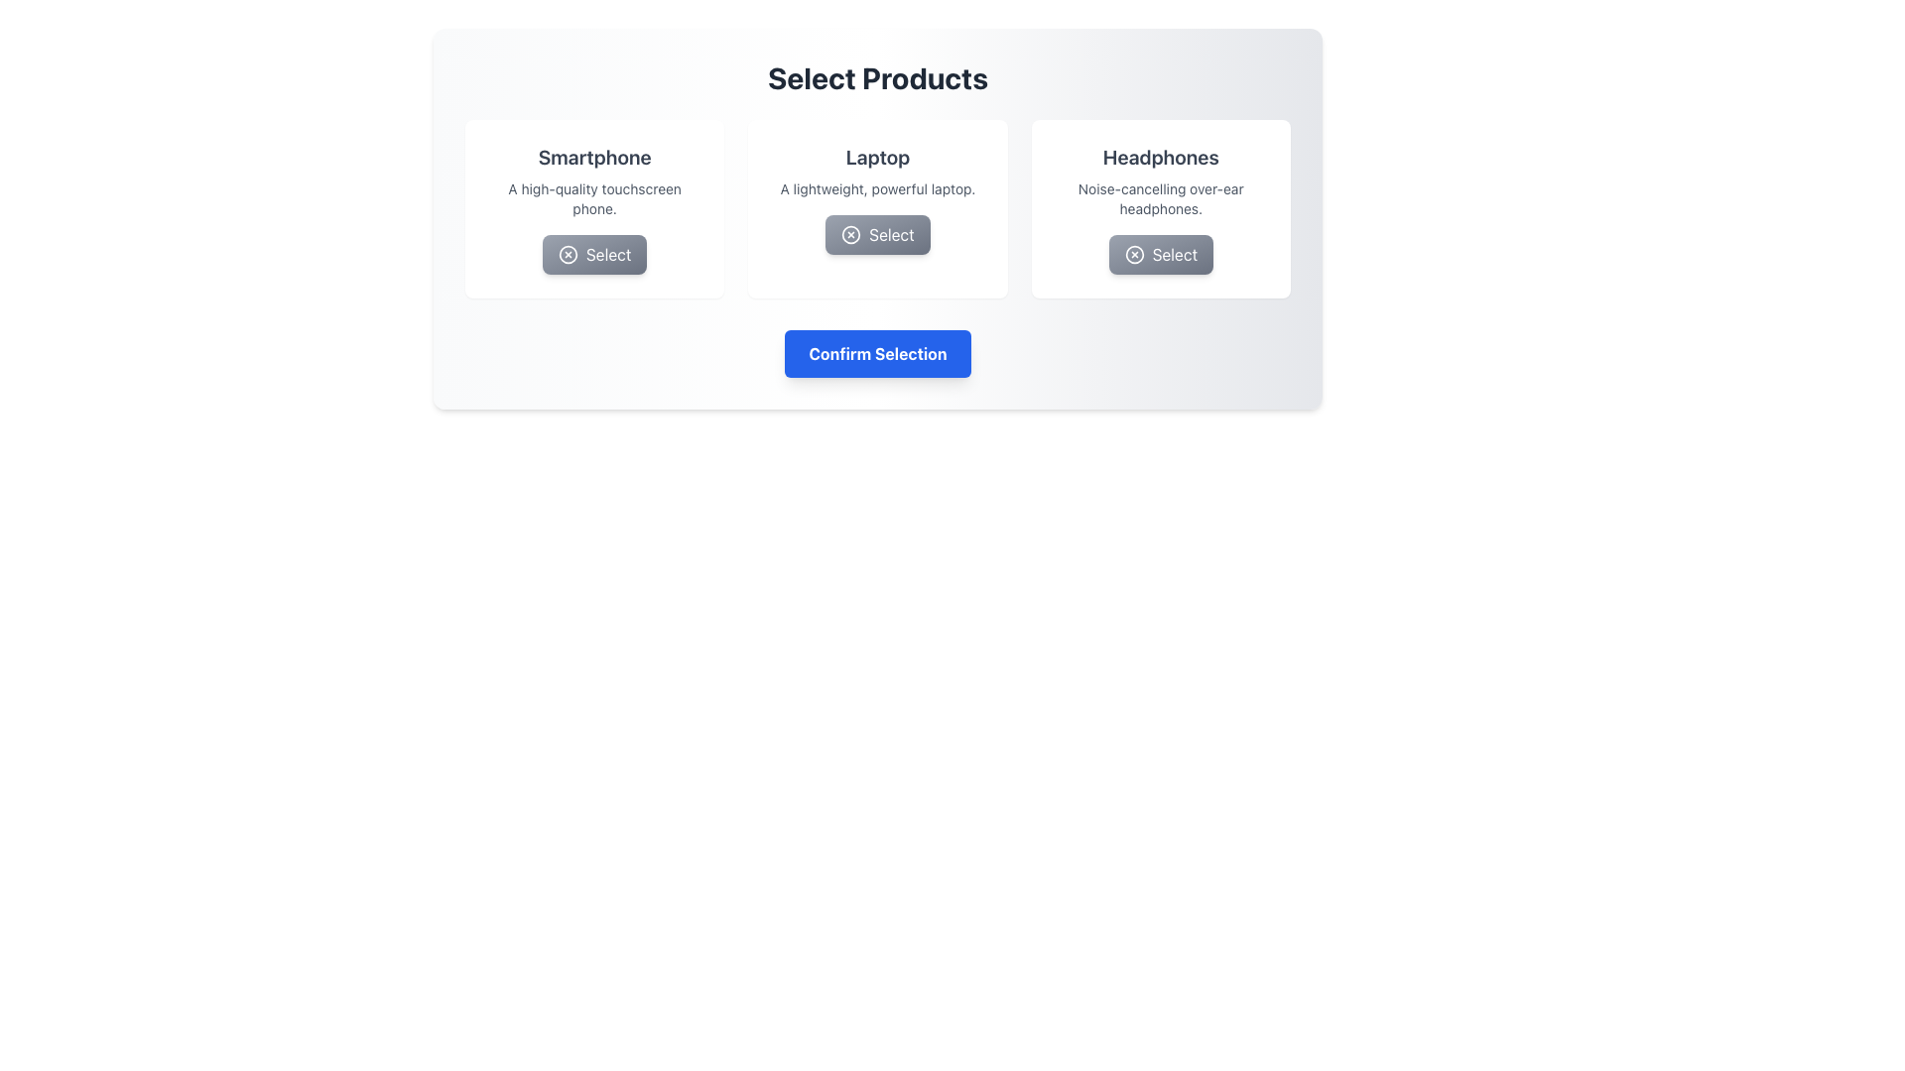 Image resolution: width=1905 pixels, height=1071 pixels. I want to click on the icon within the 'Select' button located on the left side of the text under the 'Smartphone' card, so click(567, 254).